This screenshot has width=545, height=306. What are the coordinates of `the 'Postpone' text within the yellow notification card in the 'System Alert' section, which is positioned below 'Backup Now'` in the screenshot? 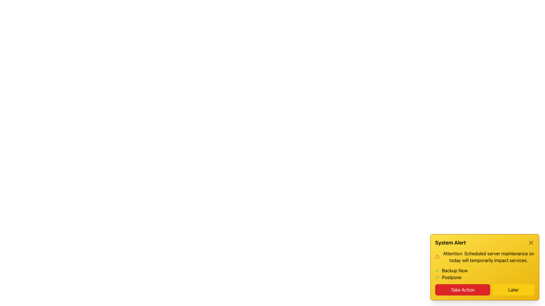 It's located at (451, 277).